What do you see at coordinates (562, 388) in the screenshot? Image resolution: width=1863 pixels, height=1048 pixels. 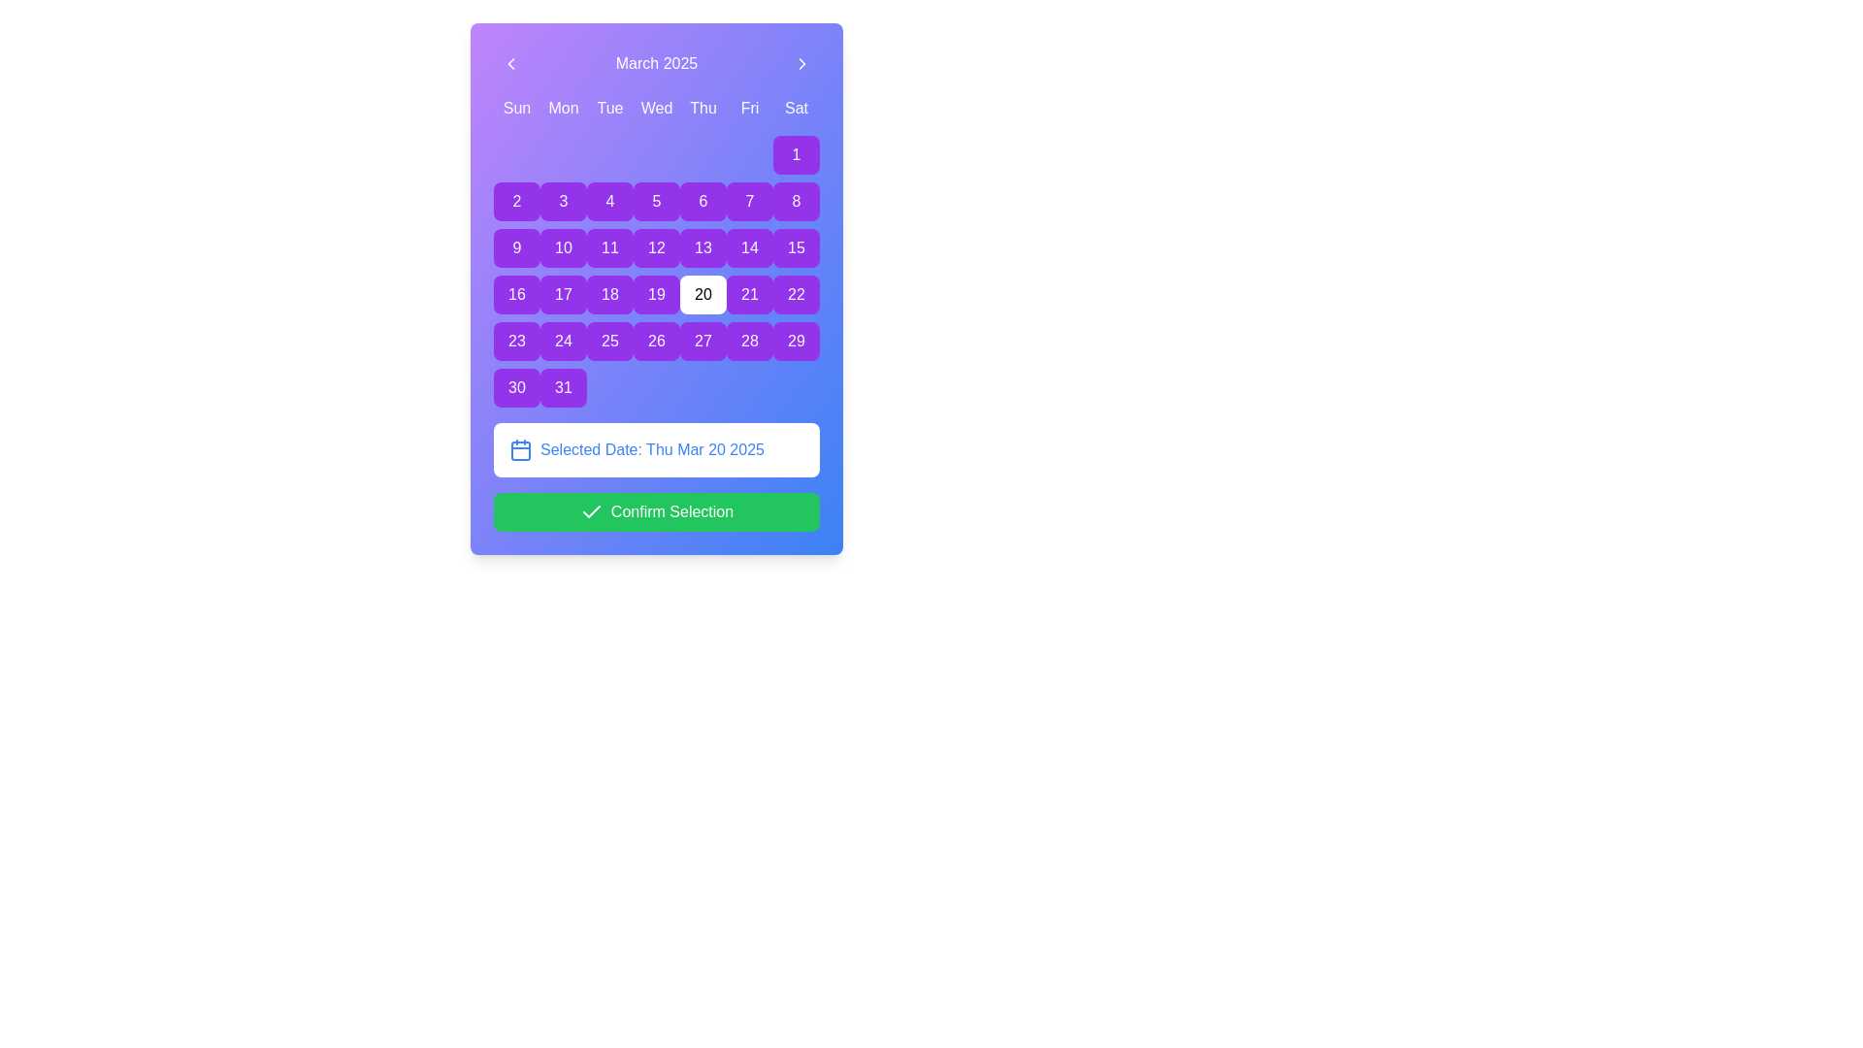 I see `the button representing the 31st day of the month in the calendar view` at bounding box center [562, 388].